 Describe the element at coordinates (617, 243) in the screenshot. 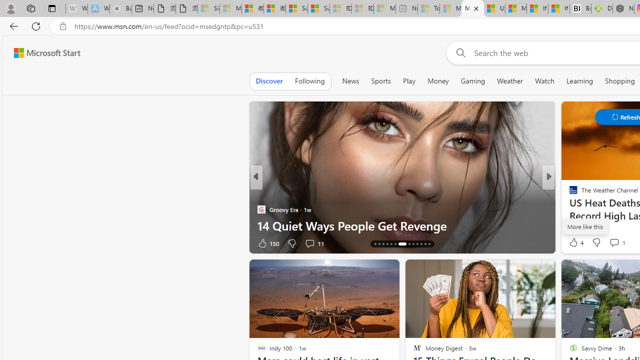

I see `'View comments 3 Comment'` at that location.